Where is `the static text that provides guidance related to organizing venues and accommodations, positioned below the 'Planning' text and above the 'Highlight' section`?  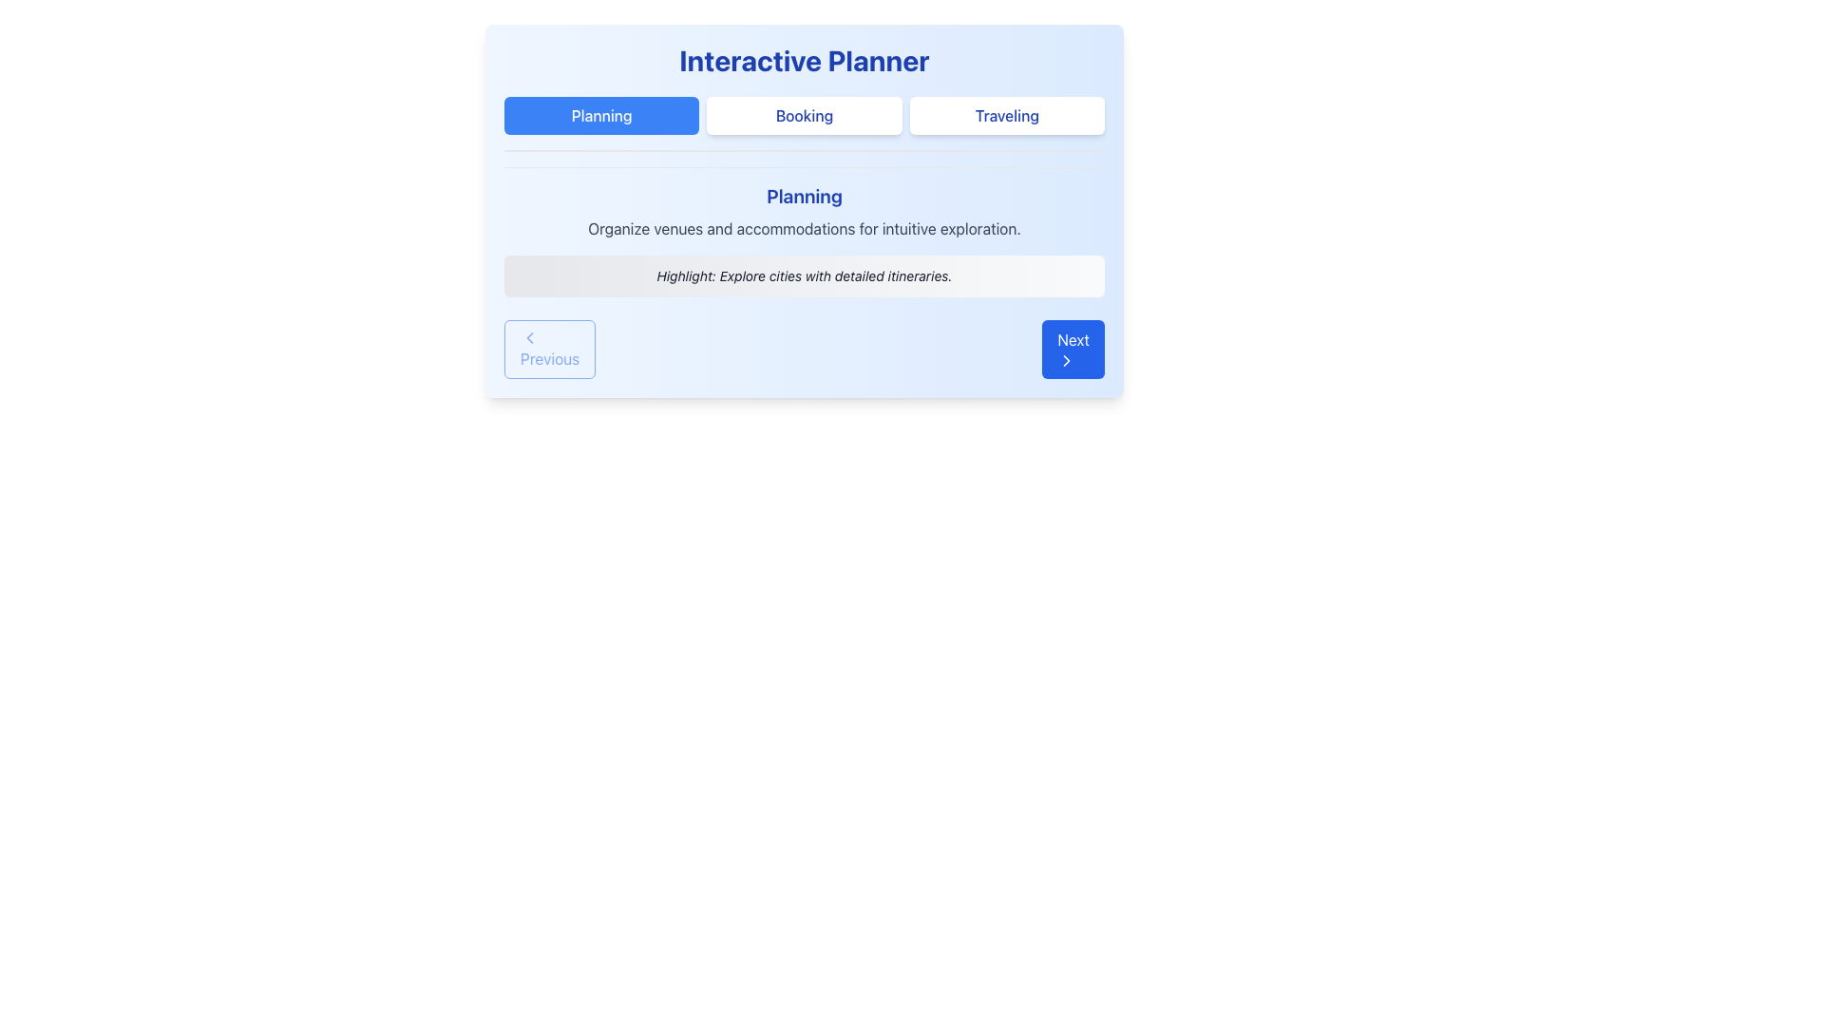
the static text that provides guidance related to organizing venues and accommodations, positioned below the 'Planning' text and above the 'Highlight' section is located at coordinates (804, 227).